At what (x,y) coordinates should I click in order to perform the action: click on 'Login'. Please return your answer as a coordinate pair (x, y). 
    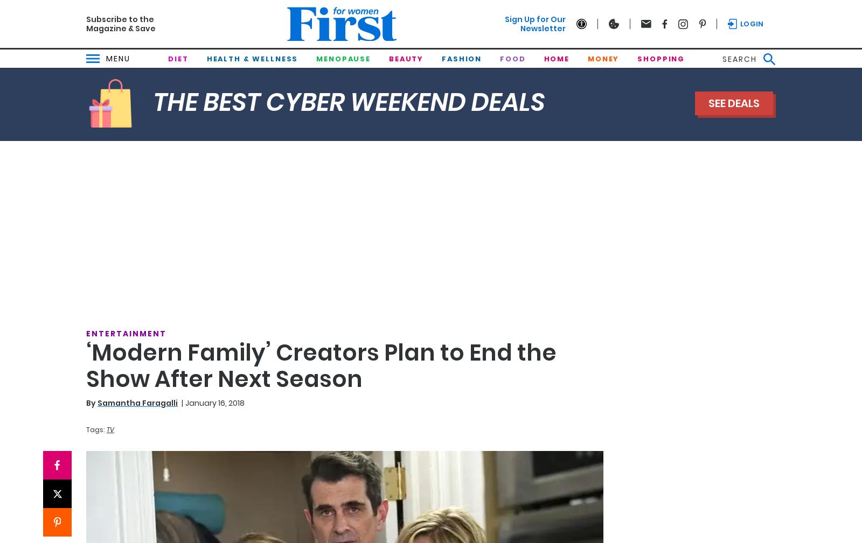
    Looking at the image, I should click on (751, 23).